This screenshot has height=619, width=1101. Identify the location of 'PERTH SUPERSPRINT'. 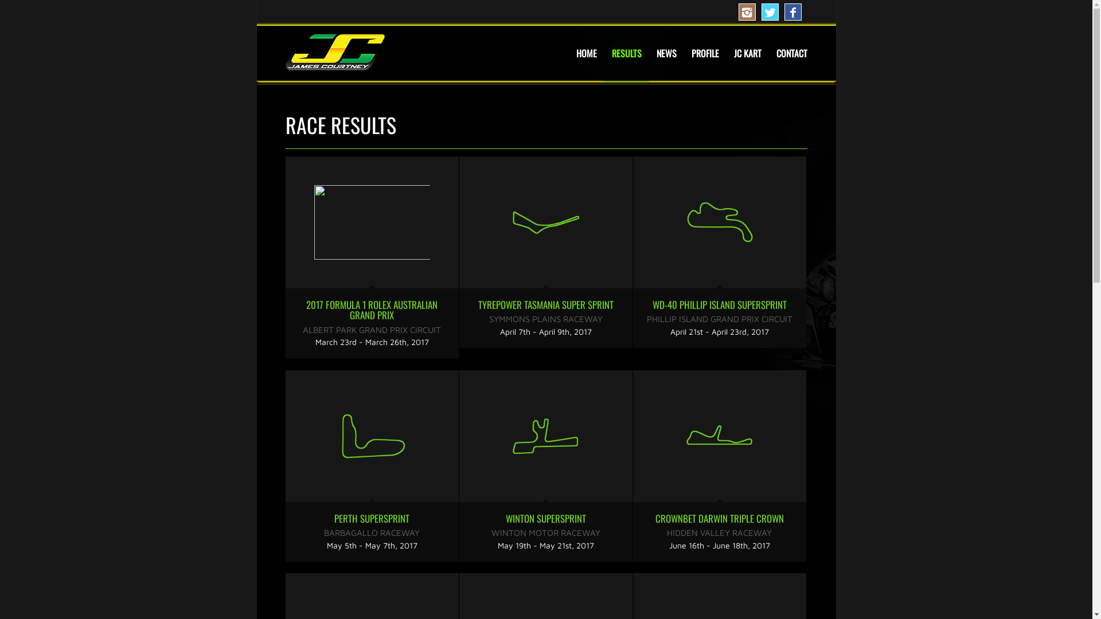
(372, 518).